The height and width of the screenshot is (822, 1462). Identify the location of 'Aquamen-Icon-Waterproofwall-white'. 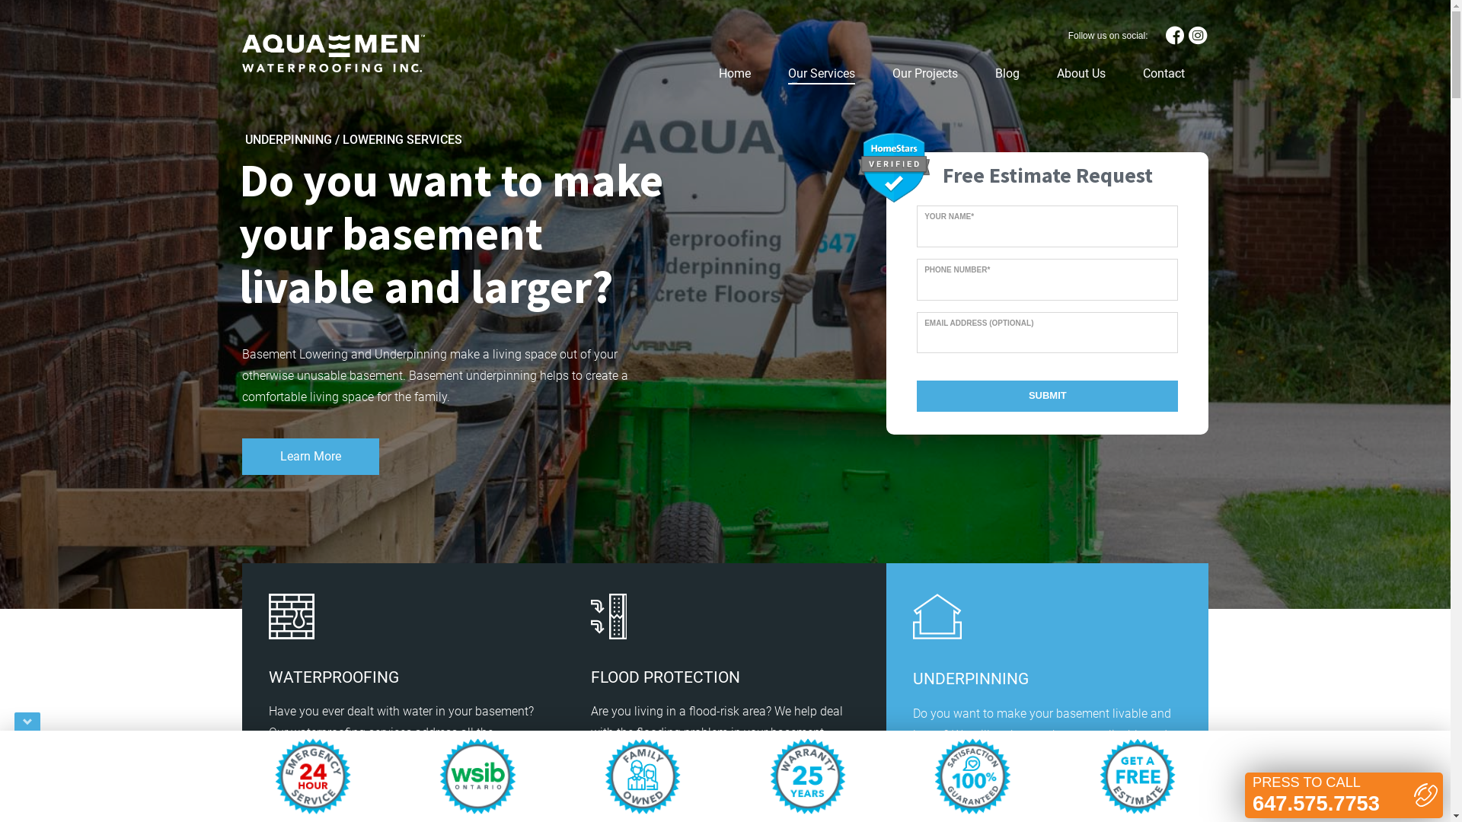
(609, 616).